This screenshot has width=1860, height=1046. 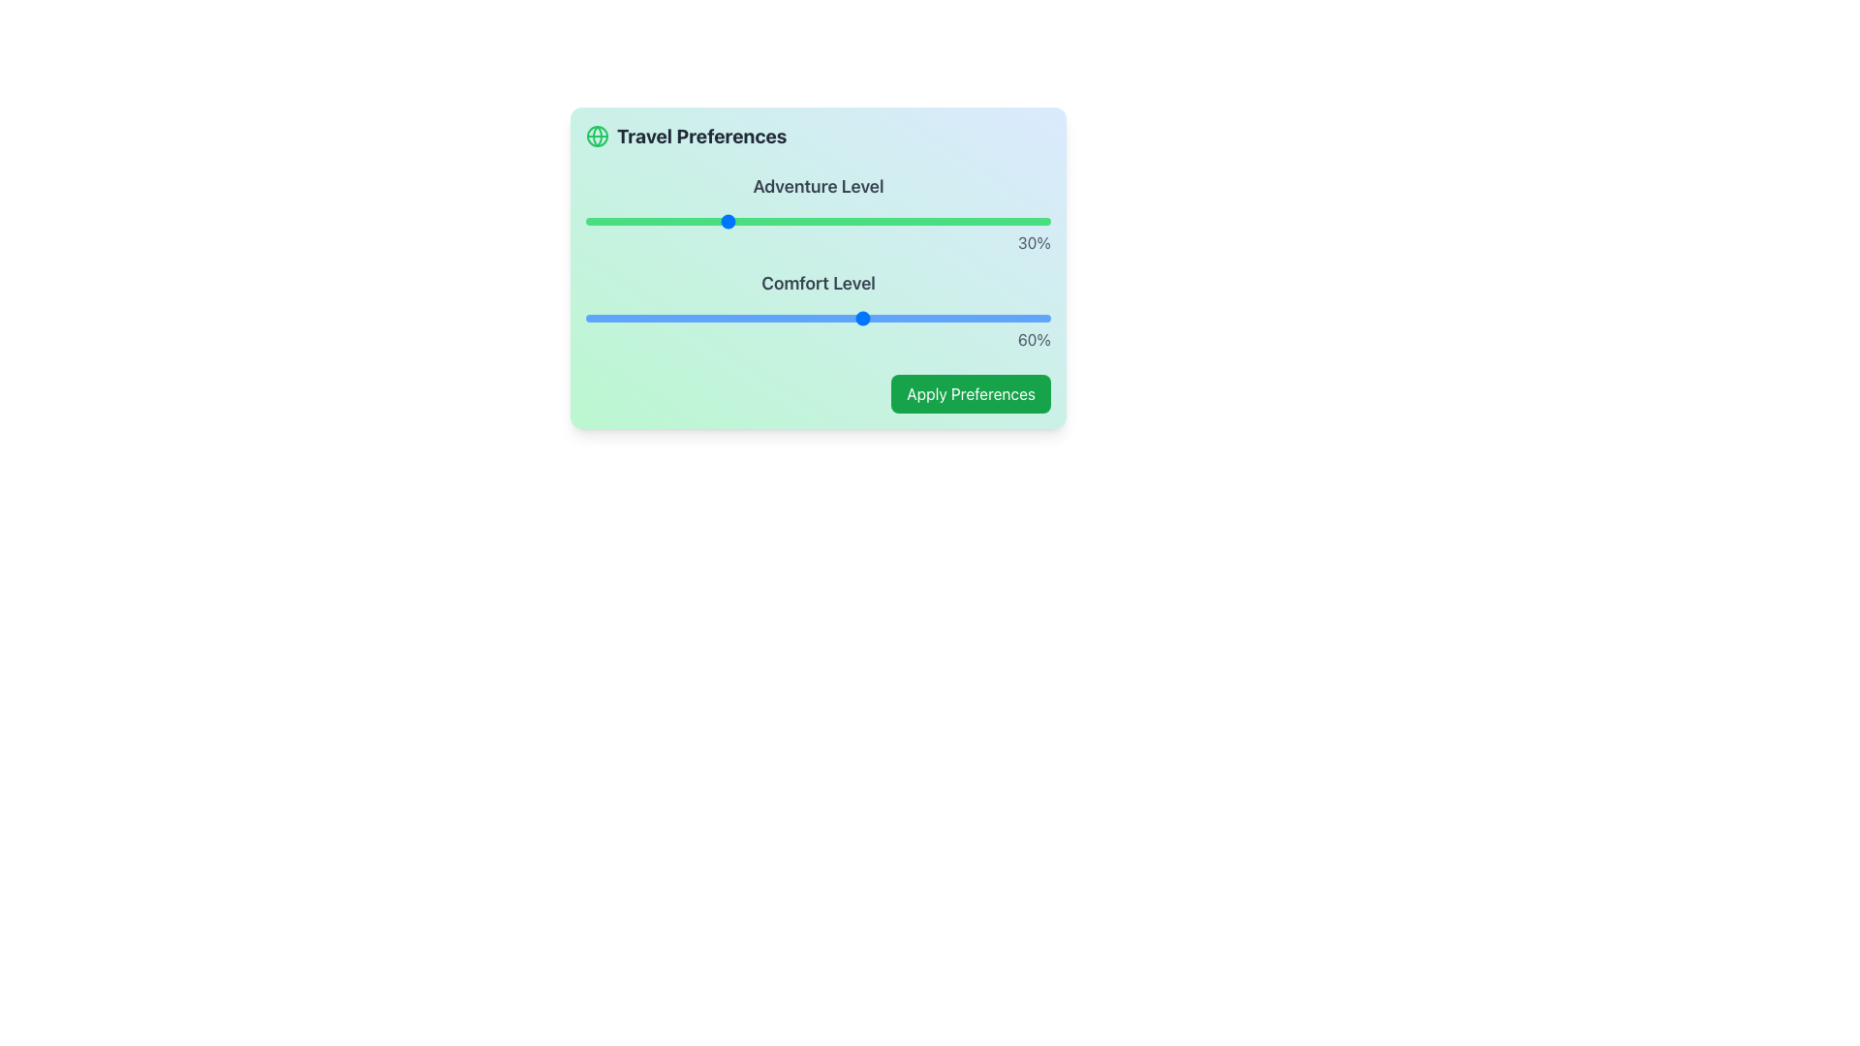 What do you see at coordinates (674, 220) in the screenshot?
I see `Adventure Level` at bounding box center [674, 220].